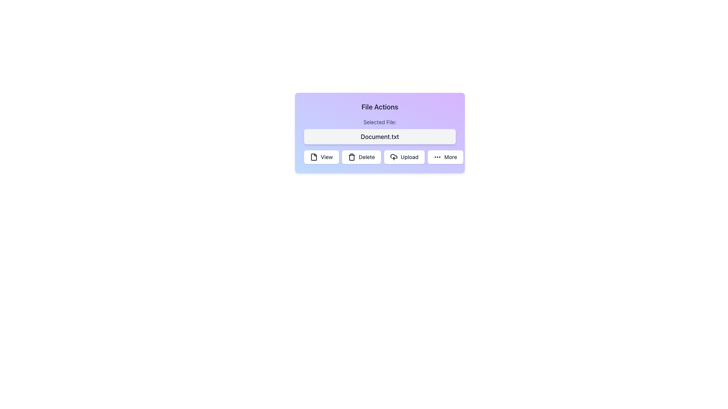  What do you see at coordinates (380, 131) in the screenshot?
I see `the Label indicating the name of the selected file, located below the 'File Actions' header and above the action buttons` at bounding box center [380, 131].